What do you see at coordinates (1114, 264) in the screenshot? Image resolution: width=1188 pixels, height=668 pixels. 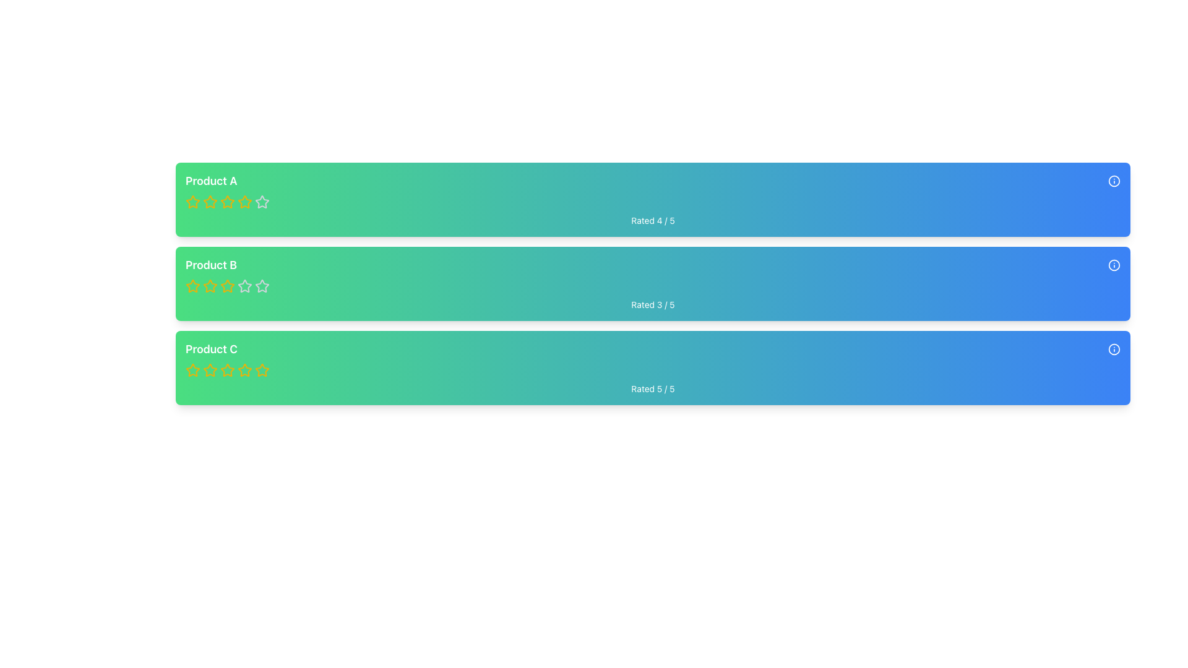 I see `the interactive button located at the far-right end of the 'Product B' section` at bounding box center [1114, 264].